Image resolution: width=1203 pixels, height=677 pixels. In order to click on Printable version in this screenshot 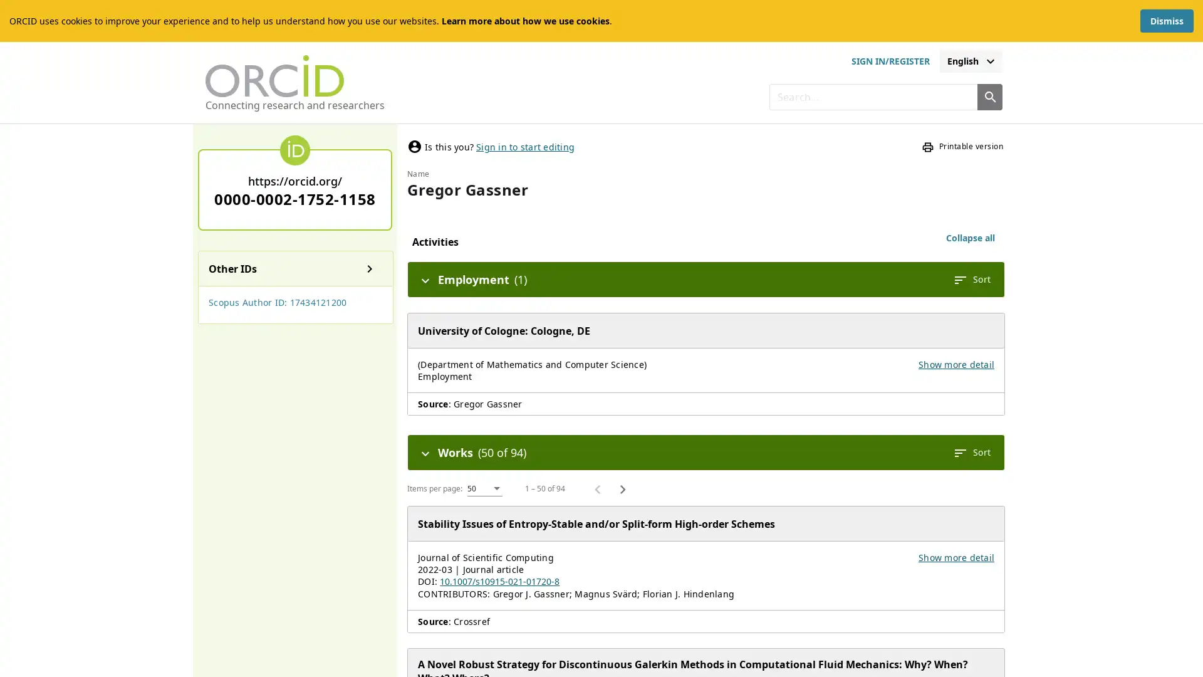, I will do `click(962, 146)`.